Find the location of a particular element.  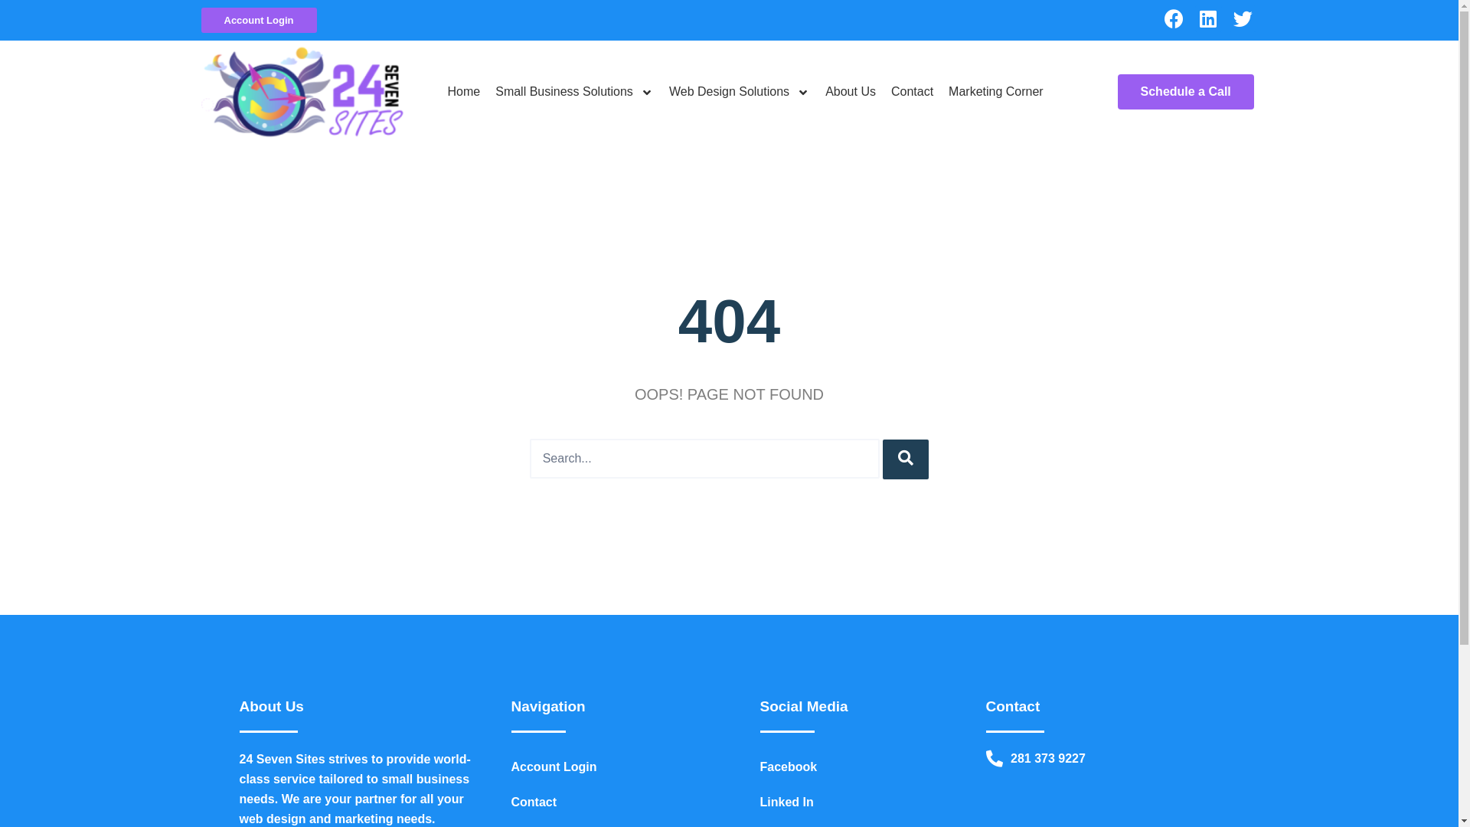

'Account Login' is located at coordinates (258, 20).